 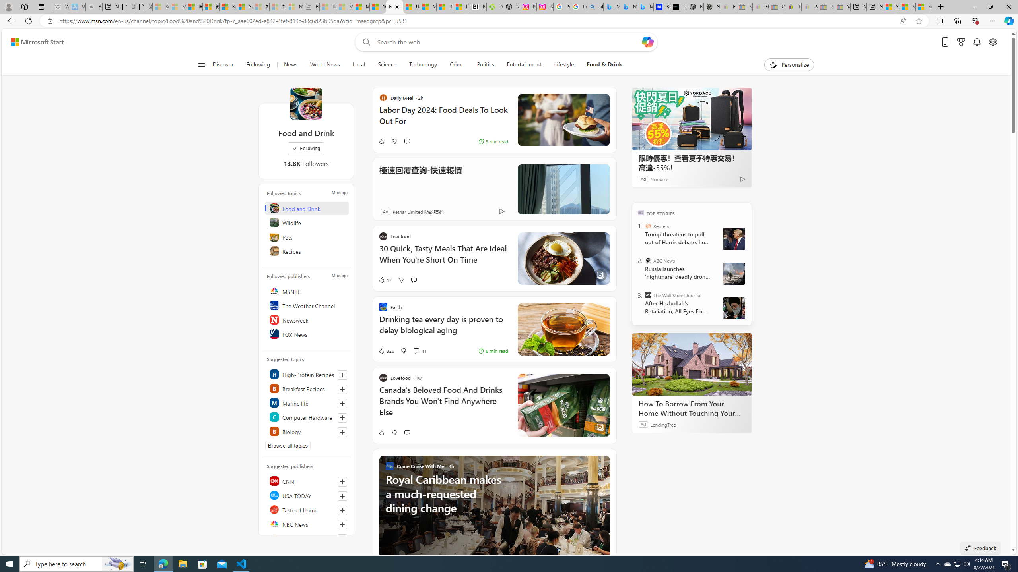 What do you see at coordinates (415, 350) in the screenshot?
I see `'View comments 11 Comment'` at bounding box center [415, 350].